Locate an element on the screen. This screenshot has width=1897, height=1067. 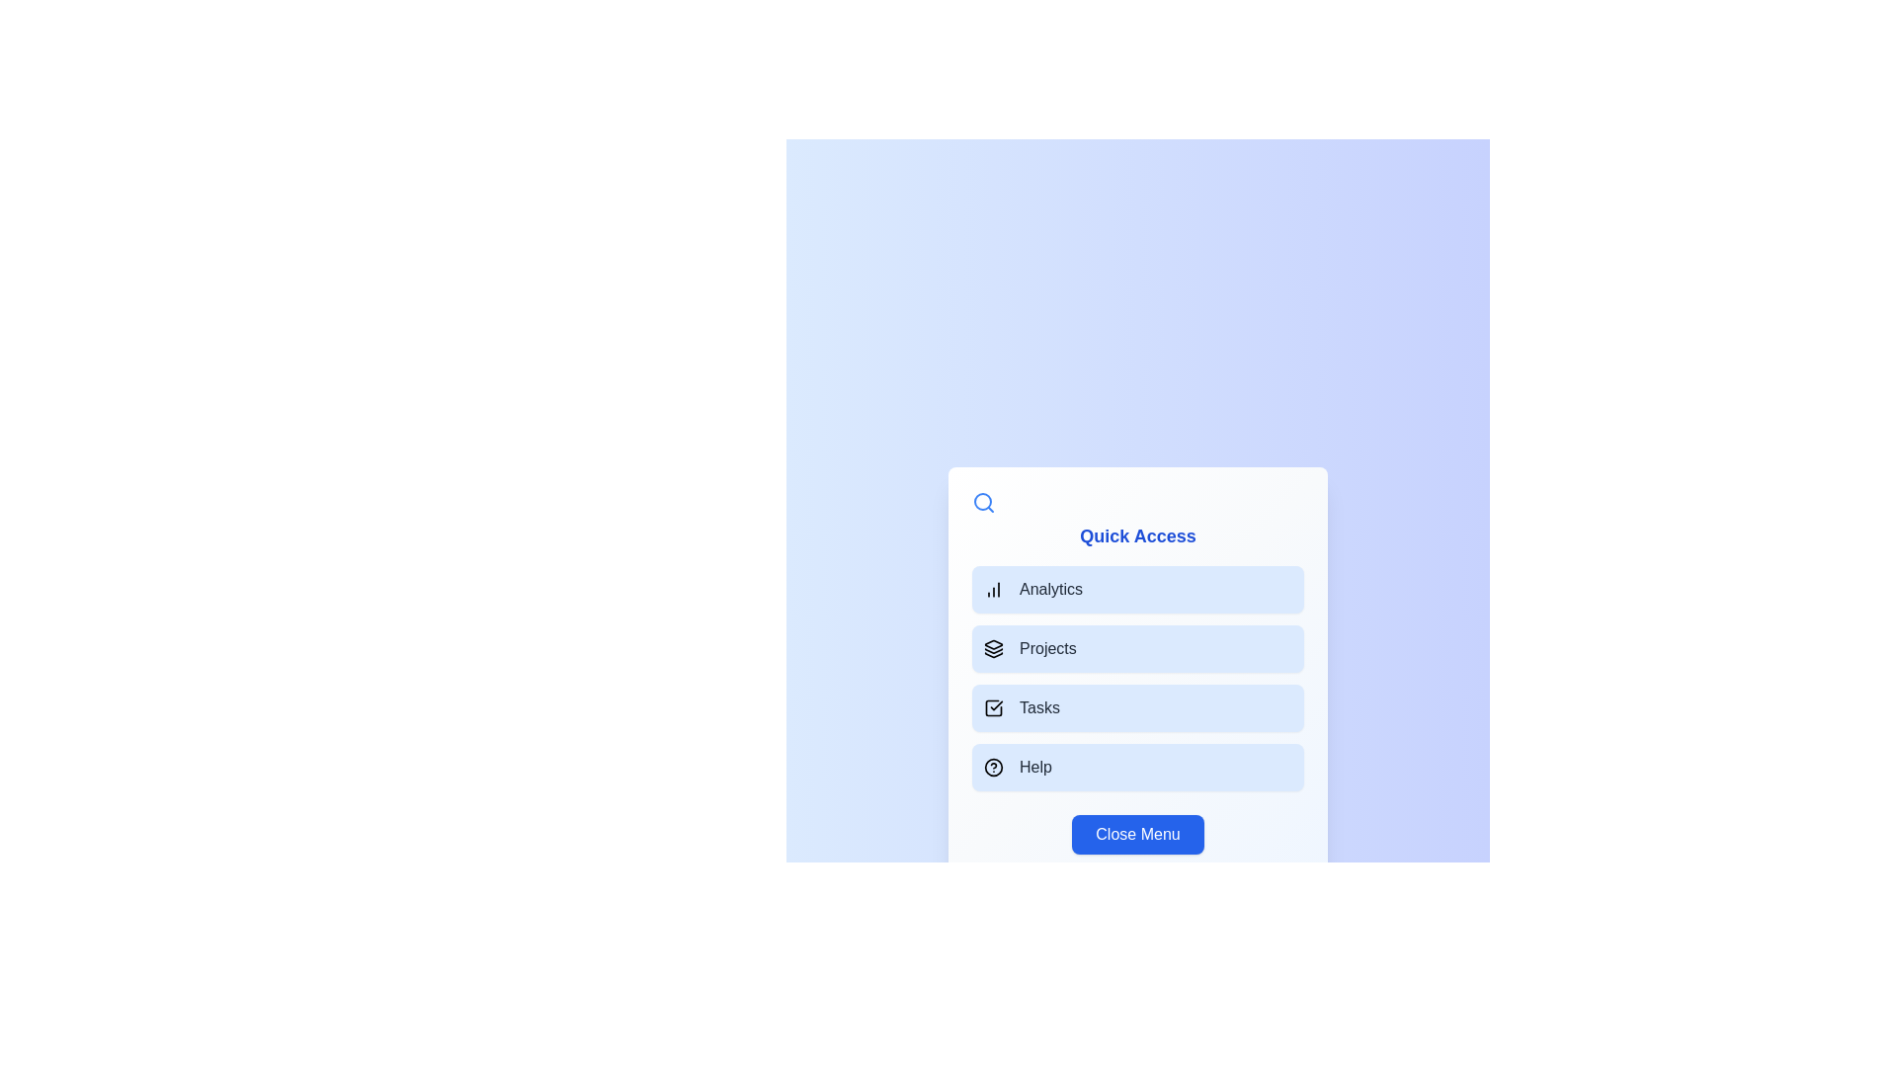
the menu option Analytics is located at coordinates (1138, 589).